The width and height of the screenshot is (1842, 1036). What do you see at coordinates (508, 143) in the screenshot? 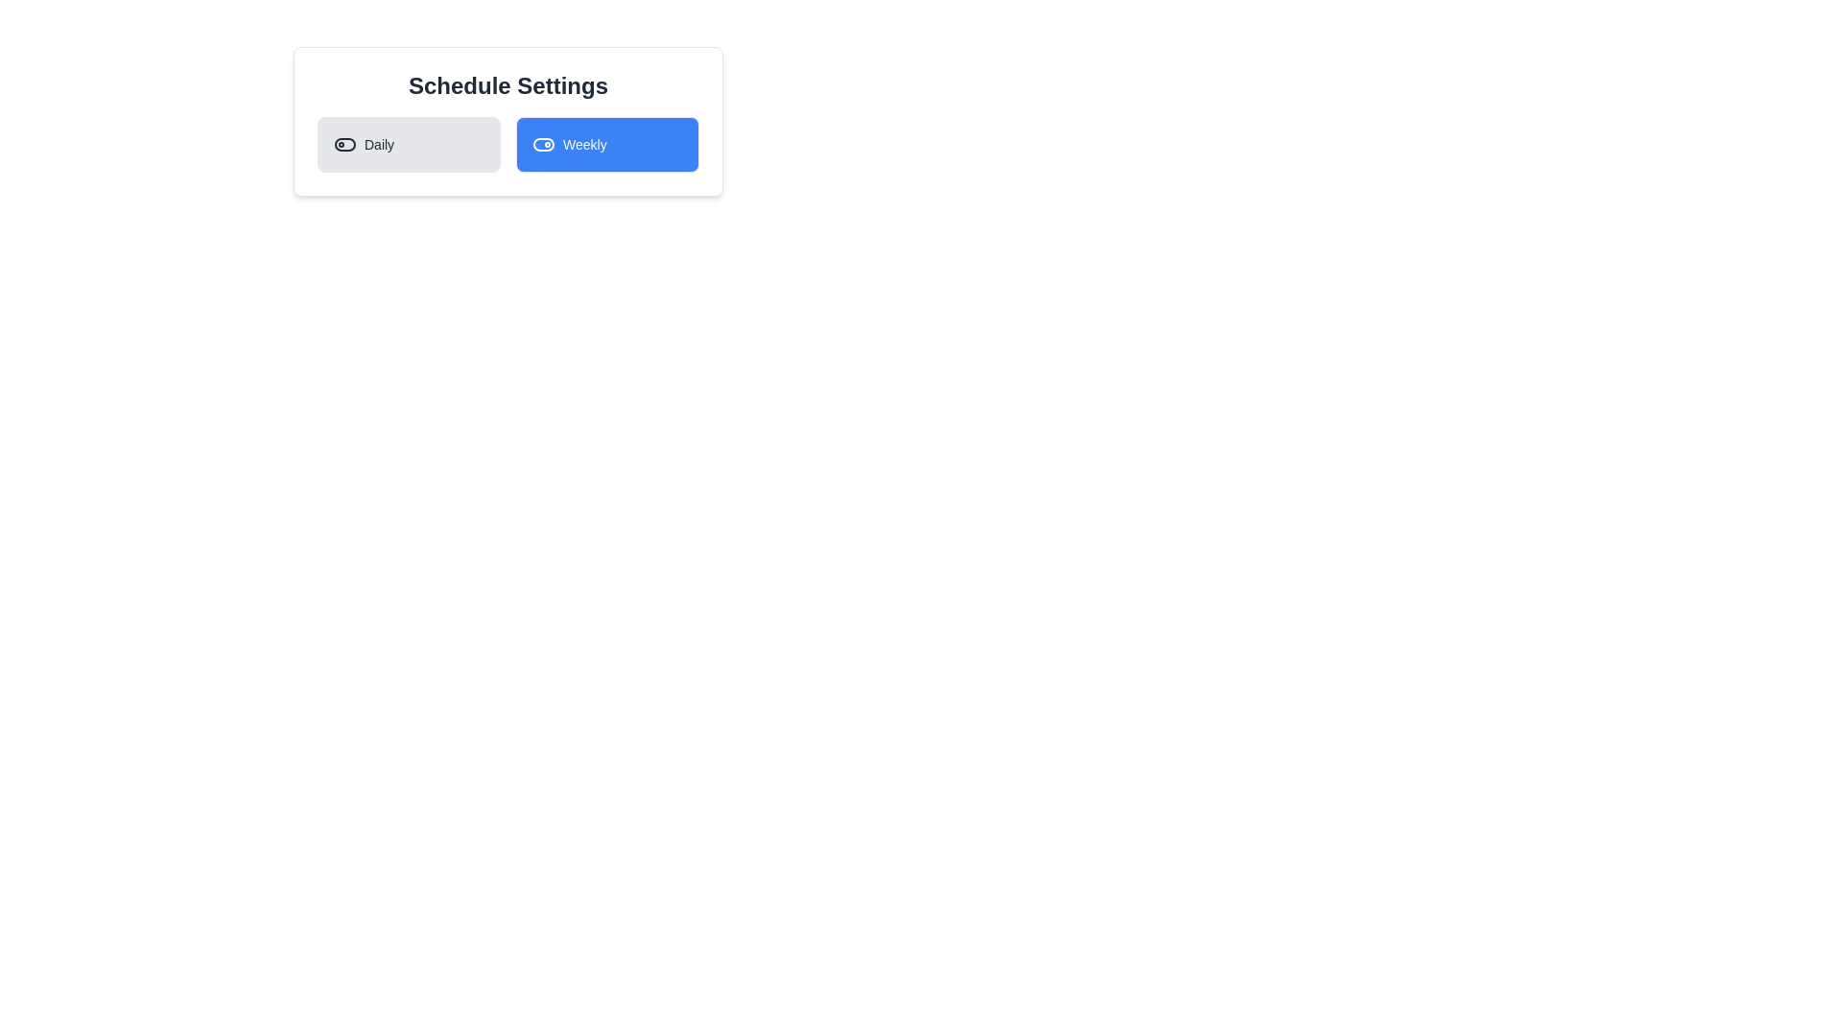
I see `the 'Weekly' toggle button in the Toggle Button Group` at bounding box center [508, 143].